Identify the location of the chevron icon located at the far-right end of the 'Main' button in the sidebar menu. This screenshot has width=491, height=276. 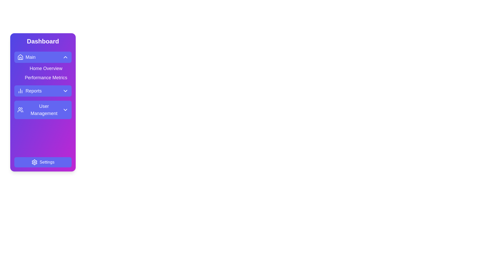
(65, 57).